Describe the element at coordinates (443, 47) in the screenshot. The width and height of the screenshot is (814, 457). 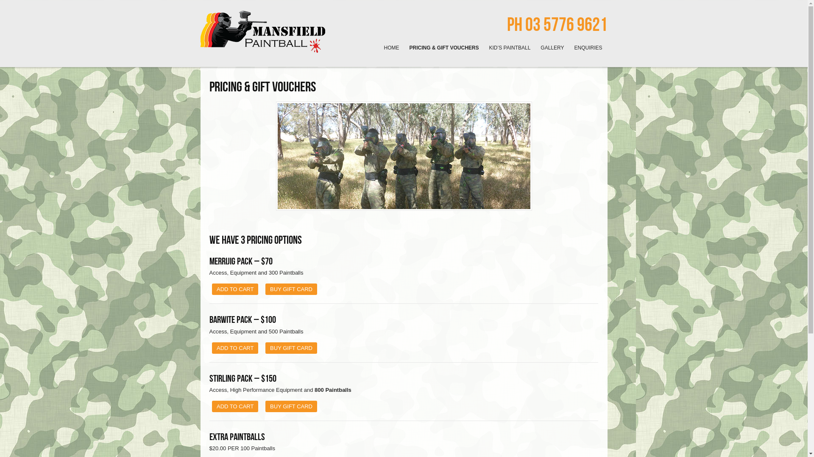
I see `'PRICING & GIFT VOUCHERS'` at that location.